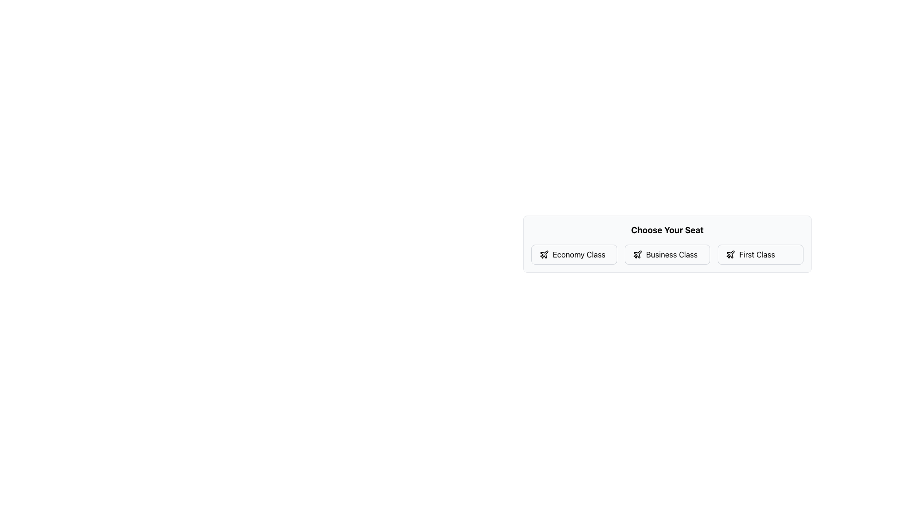  What do you see at coordinates (667, 254) in the screenshot?
I see `the Business Class button, which is the second button in a horizontal group of three` at bounding box center [667, 254].